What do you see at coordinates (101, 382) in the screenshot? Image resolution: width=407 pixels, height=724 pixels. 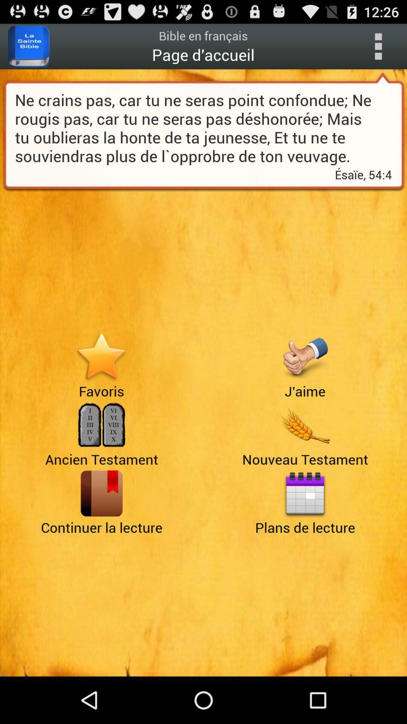 I see `the star icon` at bounding box center [101, 382].